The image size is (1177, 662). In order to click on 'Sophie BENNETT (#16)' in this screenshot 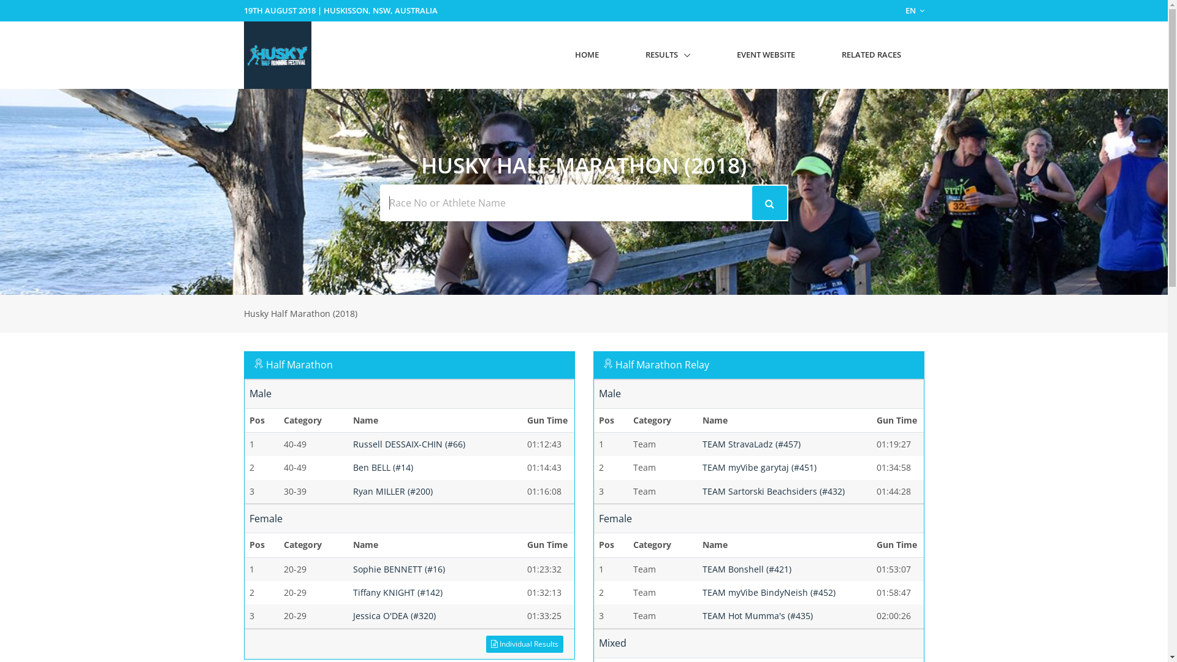, I will do `click(399, 569)`.